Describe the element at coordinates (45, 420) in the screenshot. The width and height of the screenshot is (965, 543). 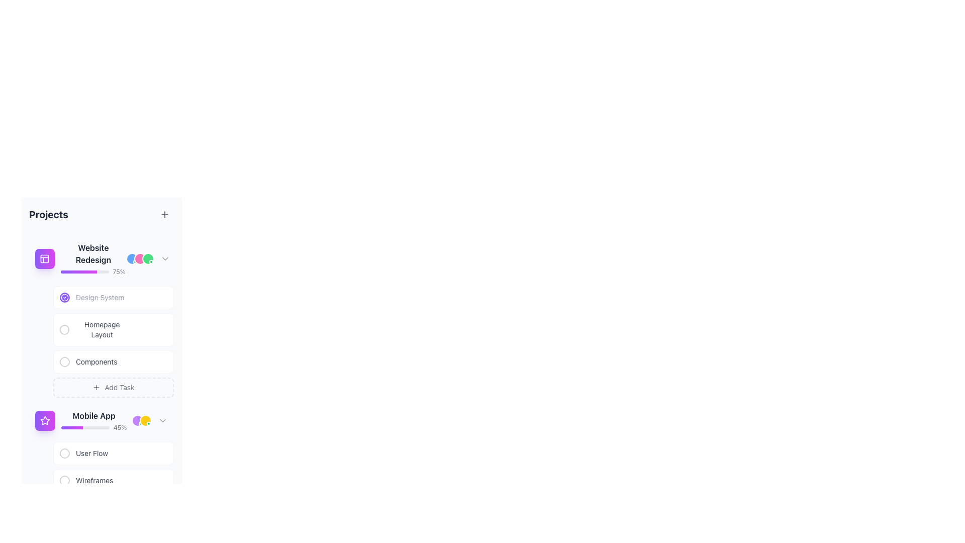
I see `the star-shaped icon with a hollow outline located in the sidebar next to the 'Mobile App' project item` at that location.